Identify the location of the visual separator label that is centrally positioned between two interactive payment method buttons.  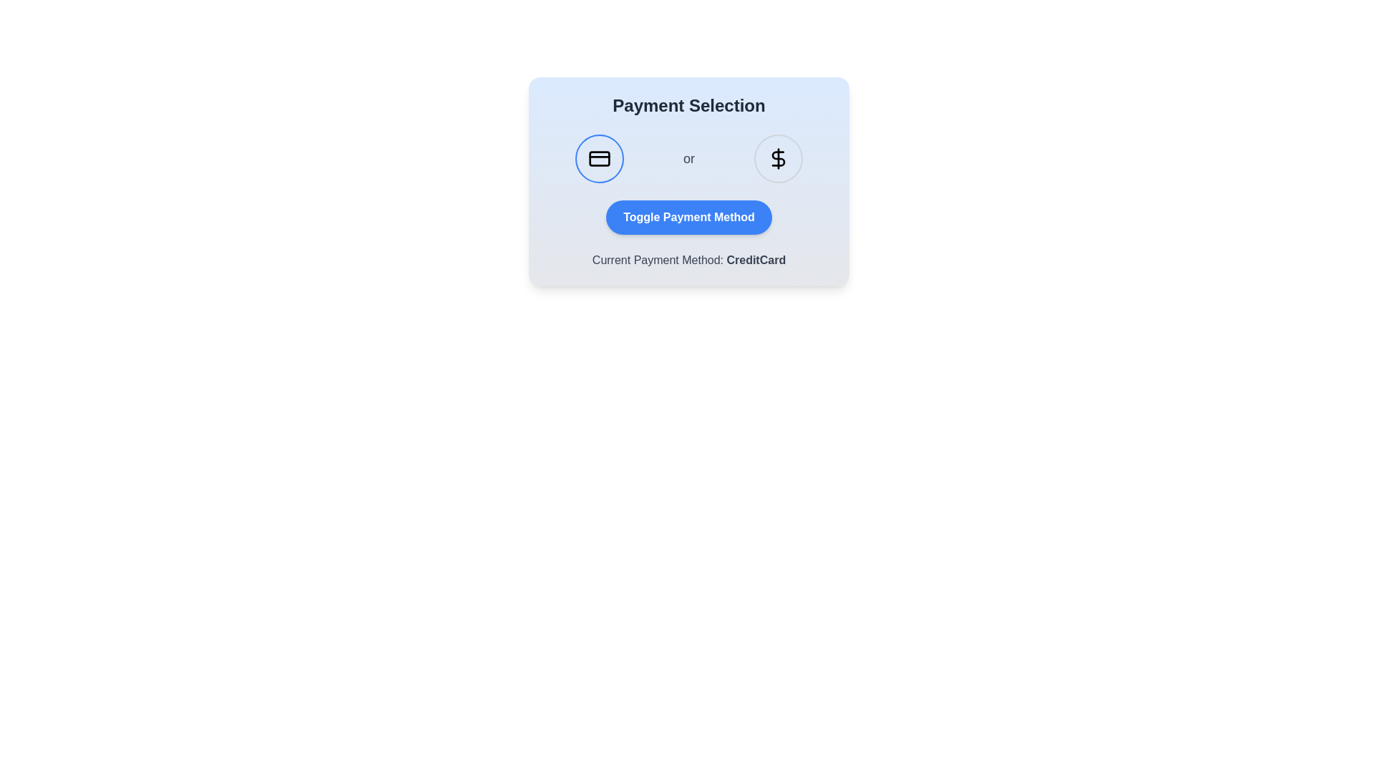
(689, 159).